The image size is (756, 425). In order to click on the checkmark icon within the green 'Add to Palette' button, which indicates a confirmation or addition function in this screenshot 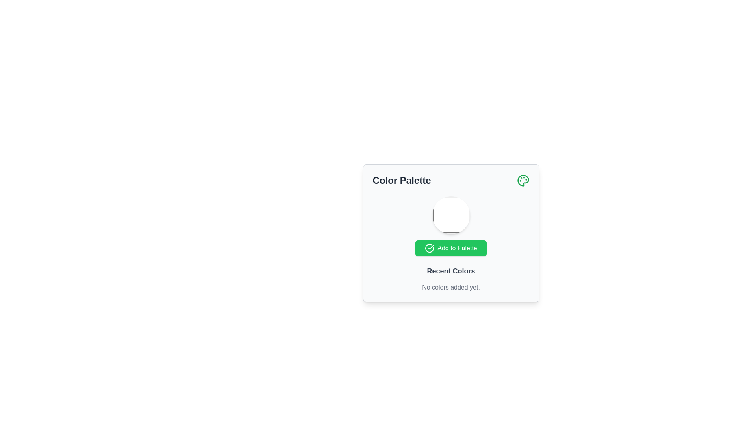, I will do `click(429, 248)`.